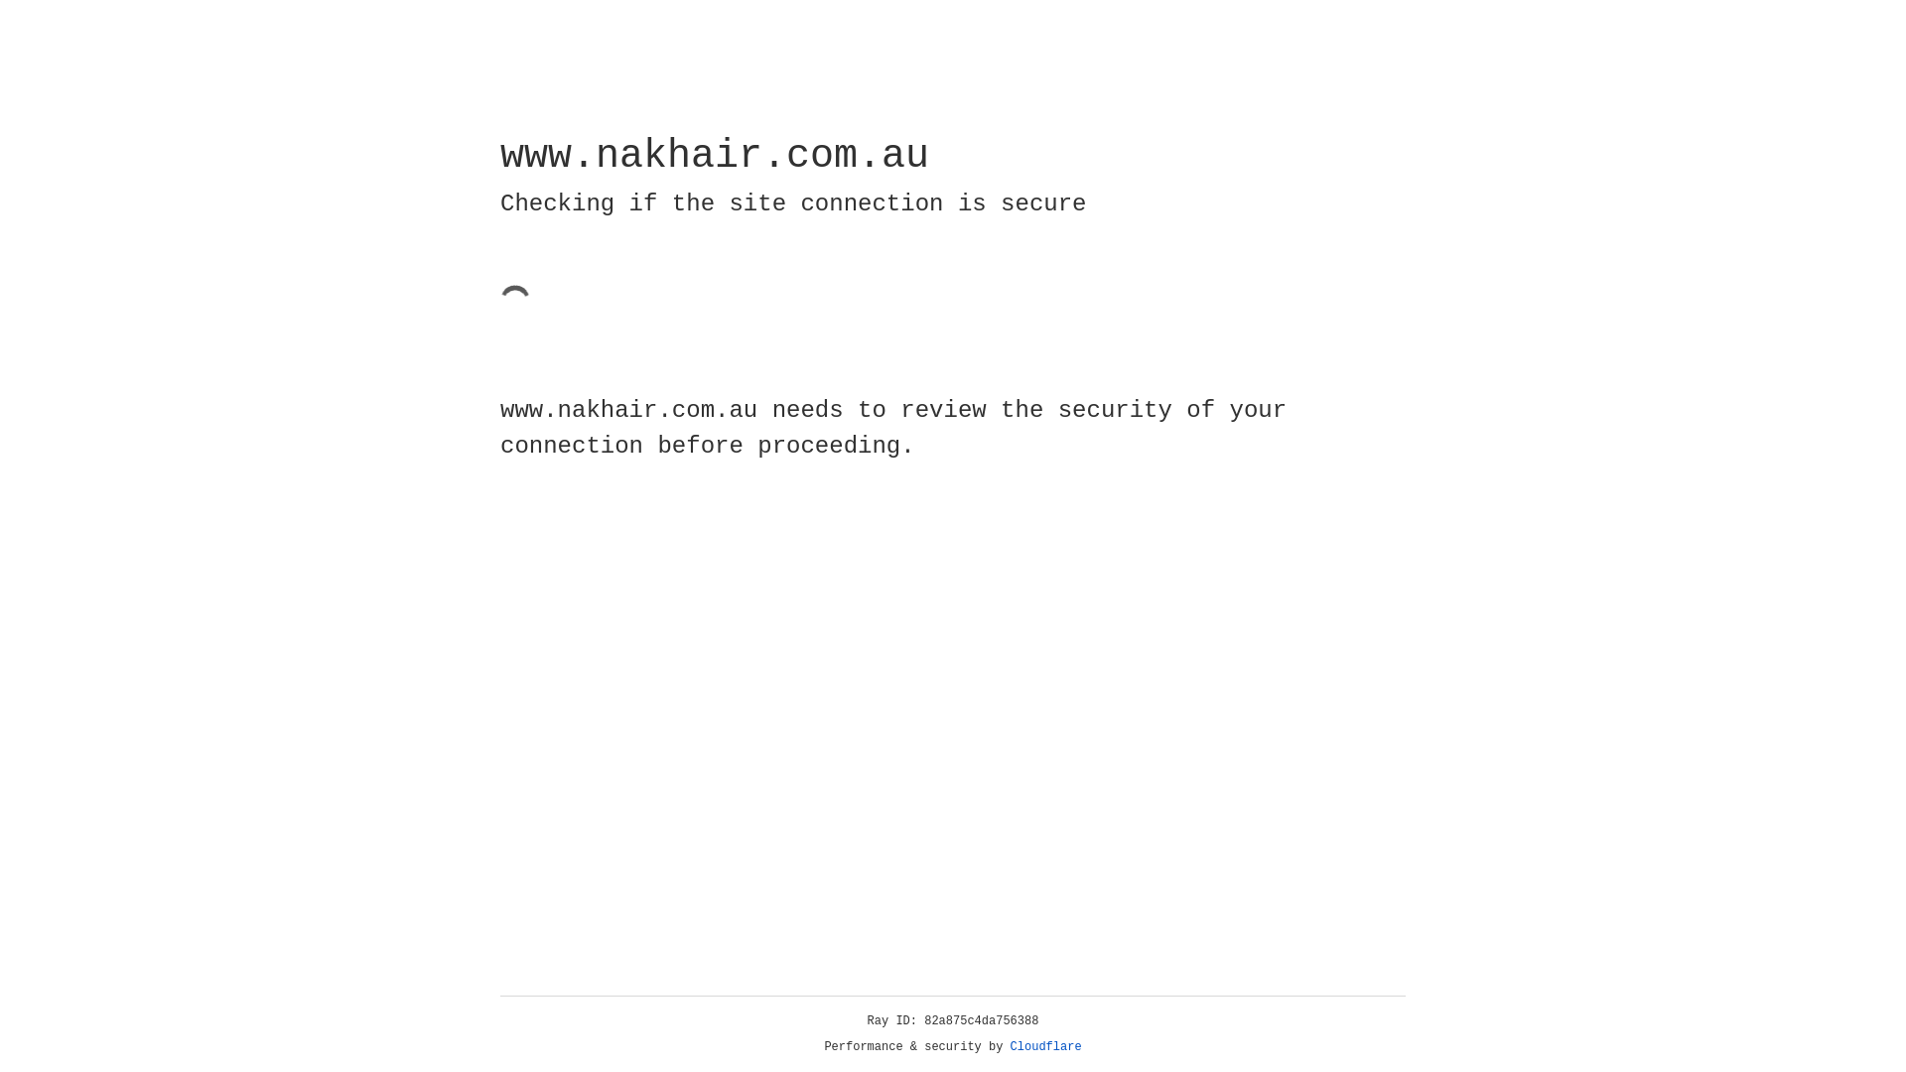  I want to click on 'Cloudflare', so click(1045, 1046).